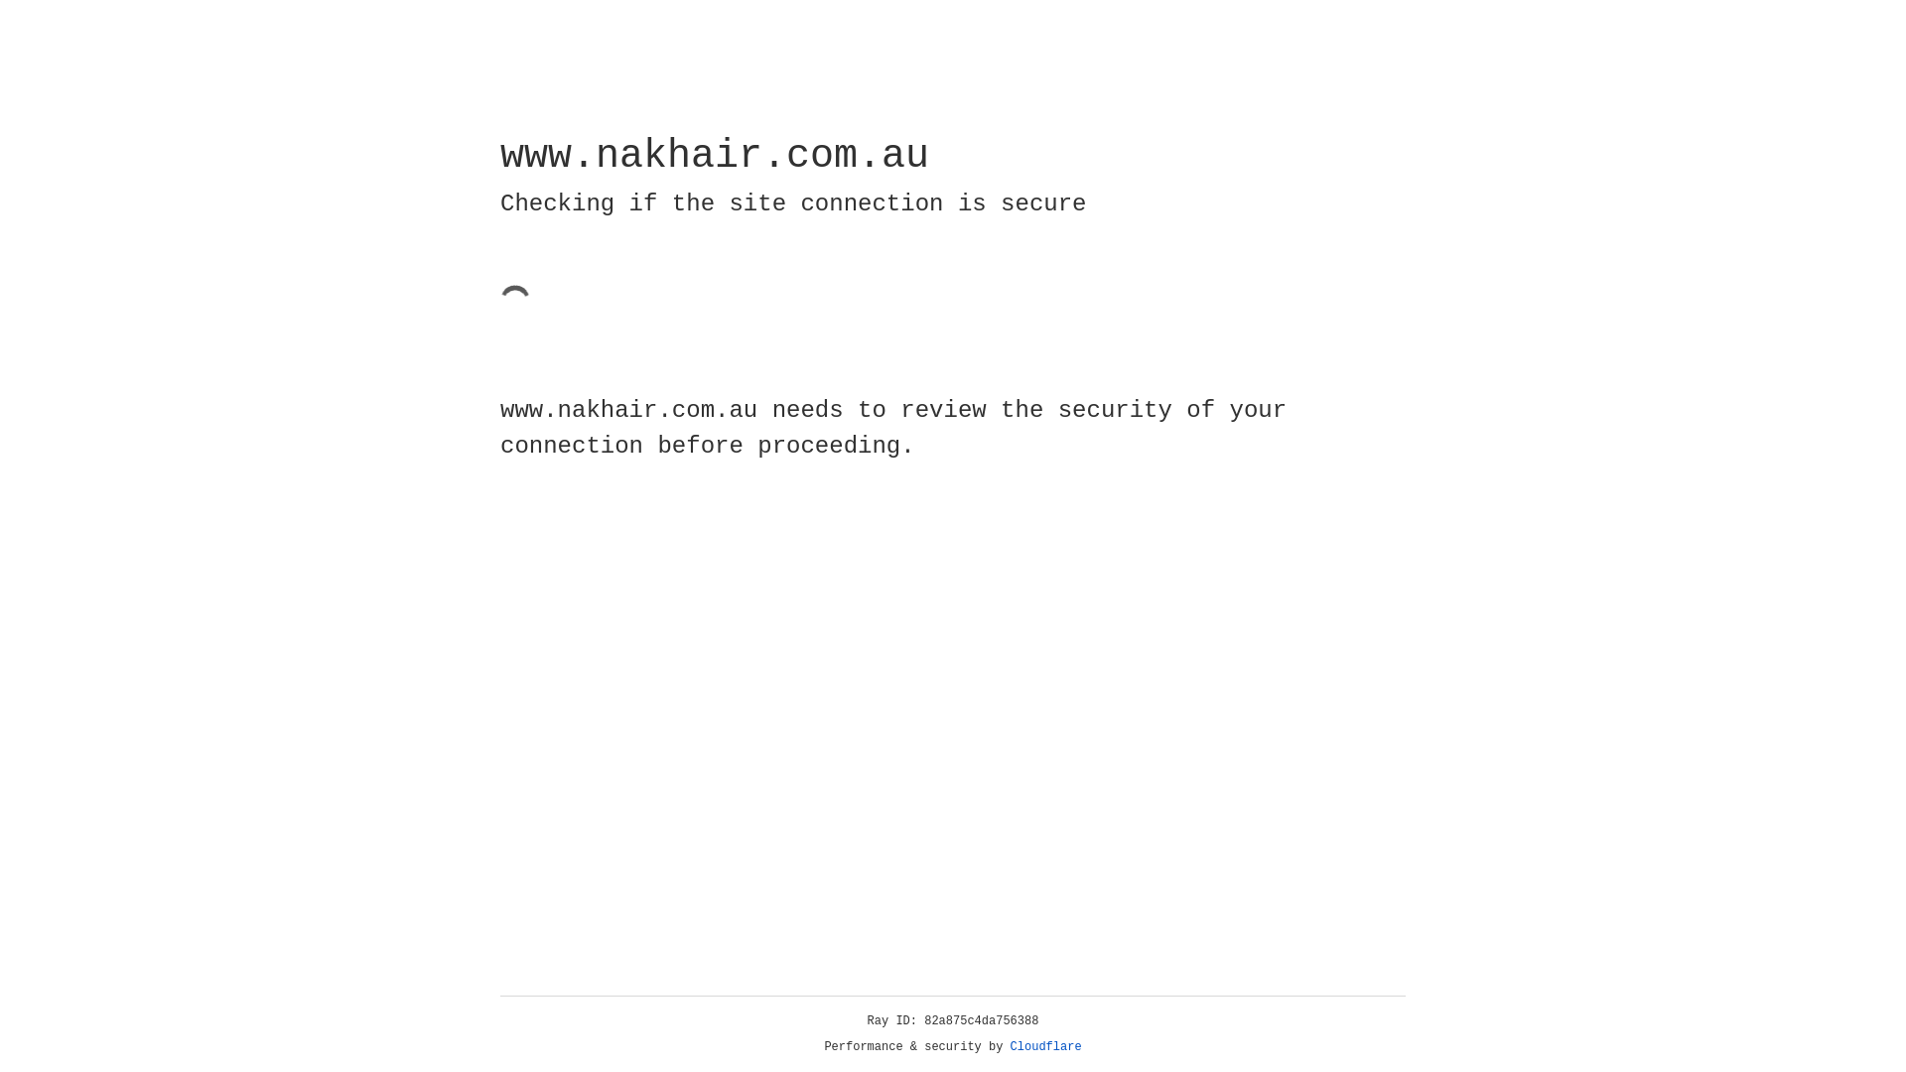  I want to click on 'Cloudflare', so click(1045, 1046).